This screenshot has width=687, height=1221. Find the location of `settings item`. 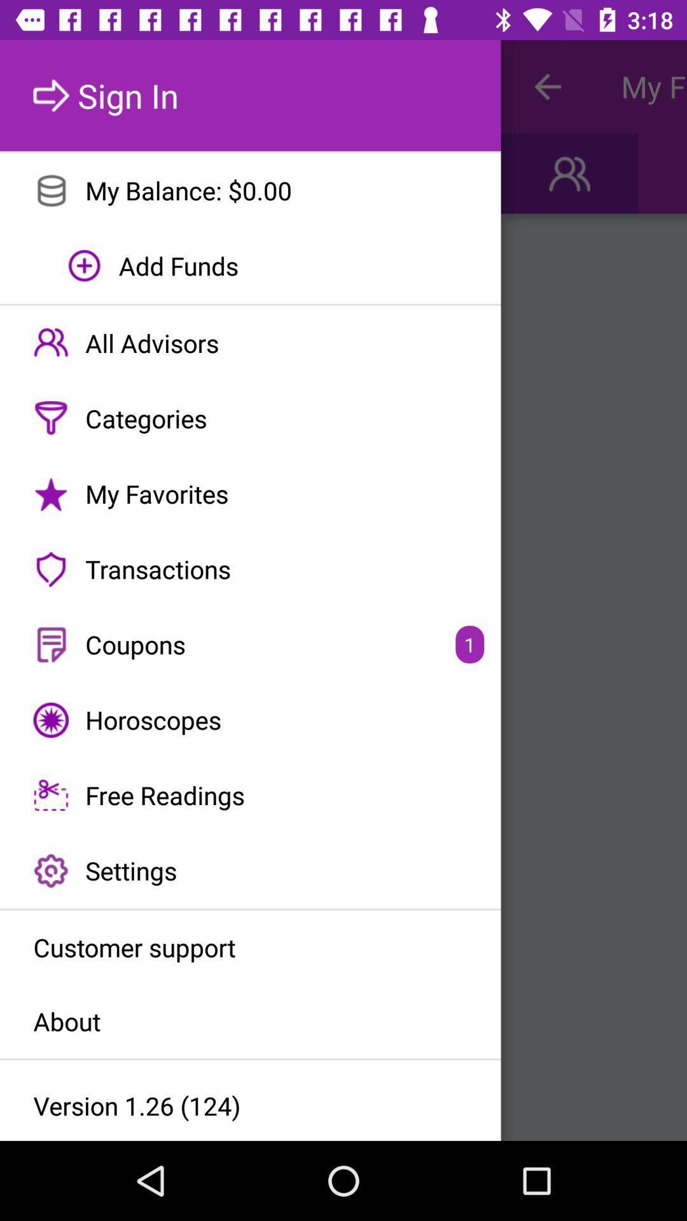

settings item is located at coordinates (250, 870).